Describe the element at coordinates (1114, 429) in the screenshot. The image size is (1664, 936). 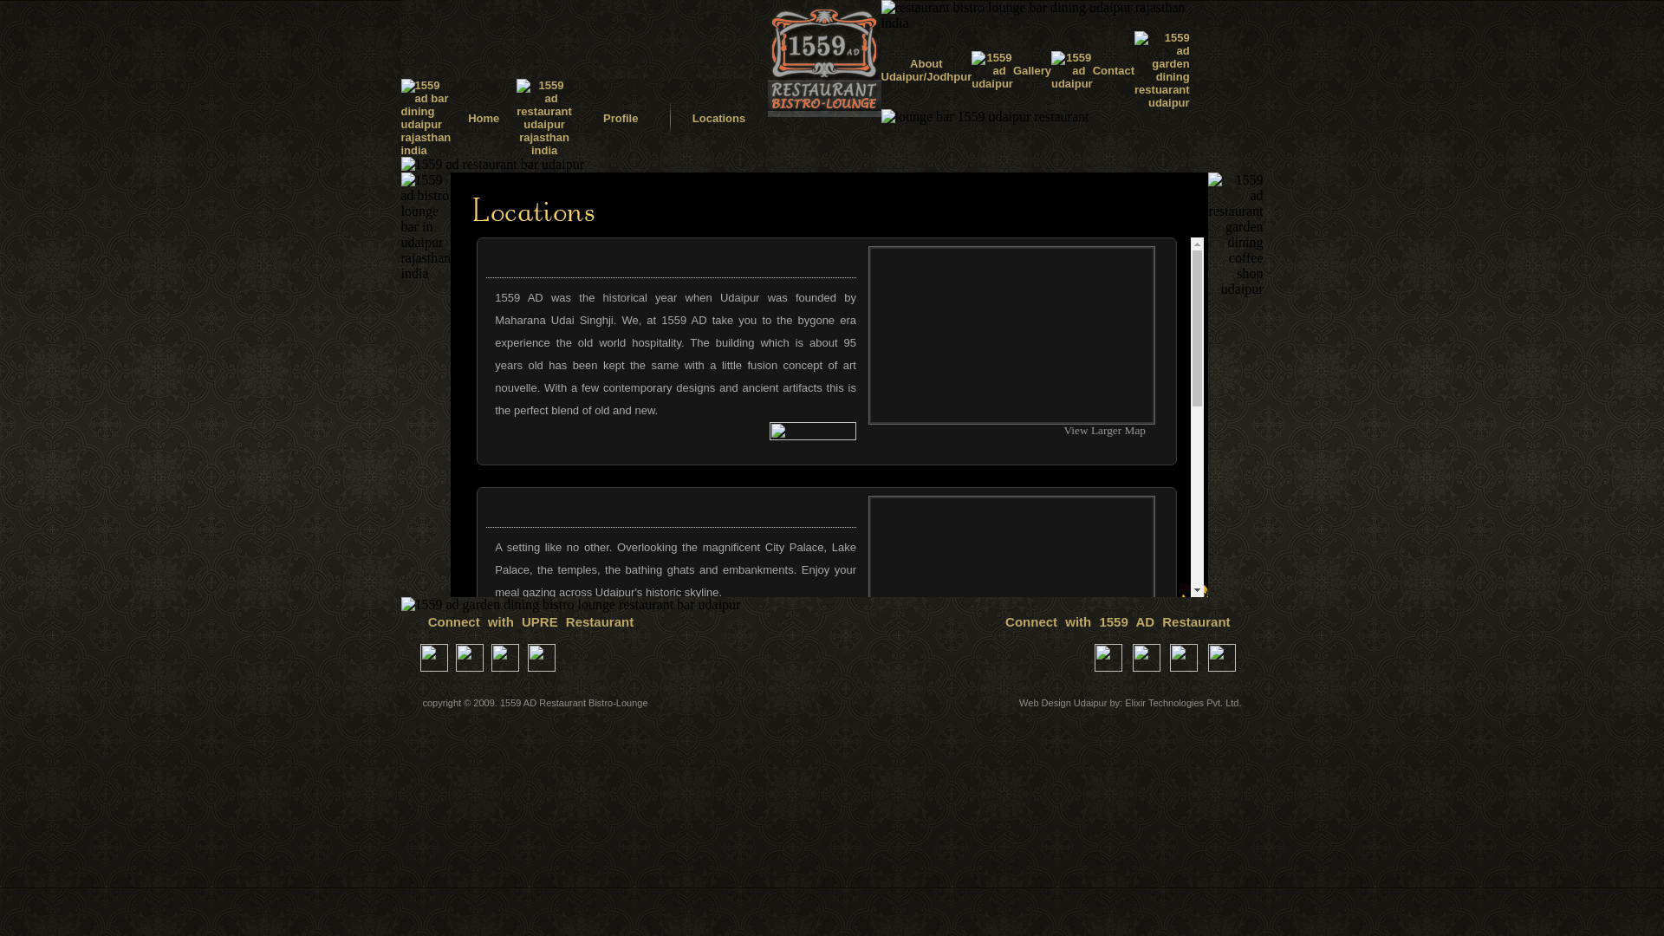
I see `'View Larger Map'` at that location.